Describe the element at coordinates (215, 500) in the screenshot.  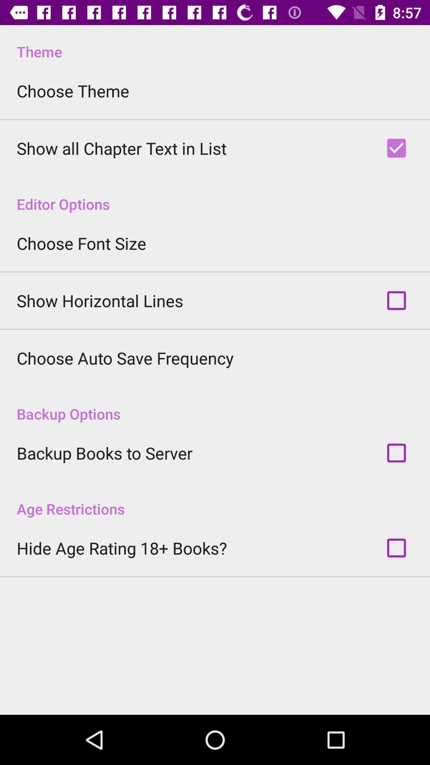
I see `the age restrictions app` at that location.